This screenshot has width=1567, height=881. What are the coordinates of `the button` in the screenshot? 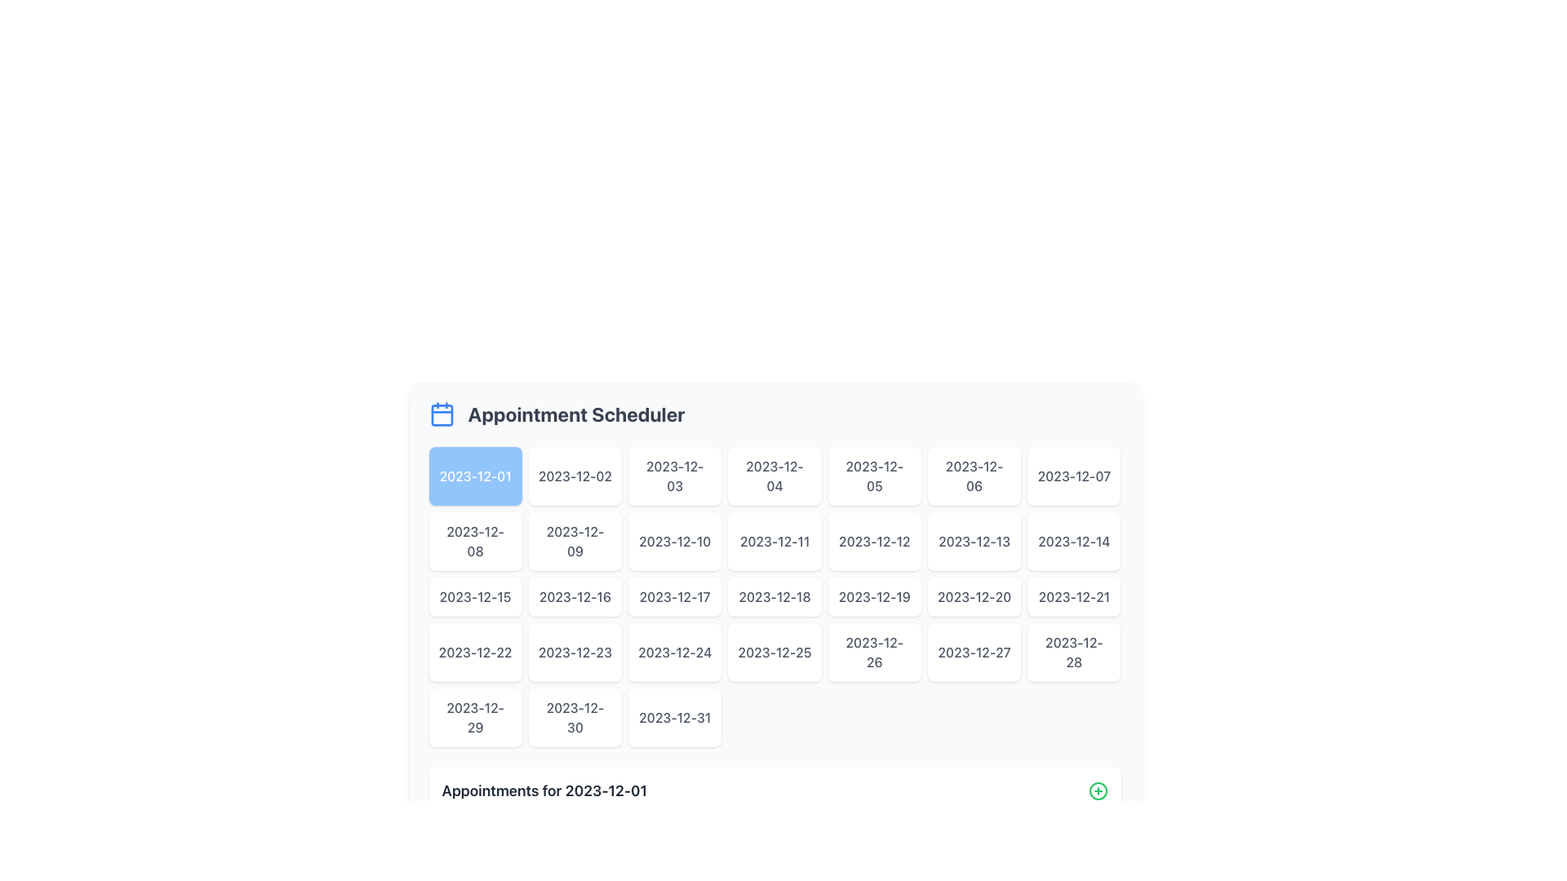 It's located at (873, 651).